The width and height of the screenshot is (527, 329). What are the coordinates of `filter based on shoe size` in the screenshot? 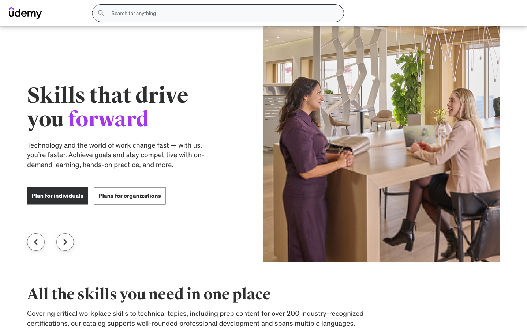 It's located at (89, 115).